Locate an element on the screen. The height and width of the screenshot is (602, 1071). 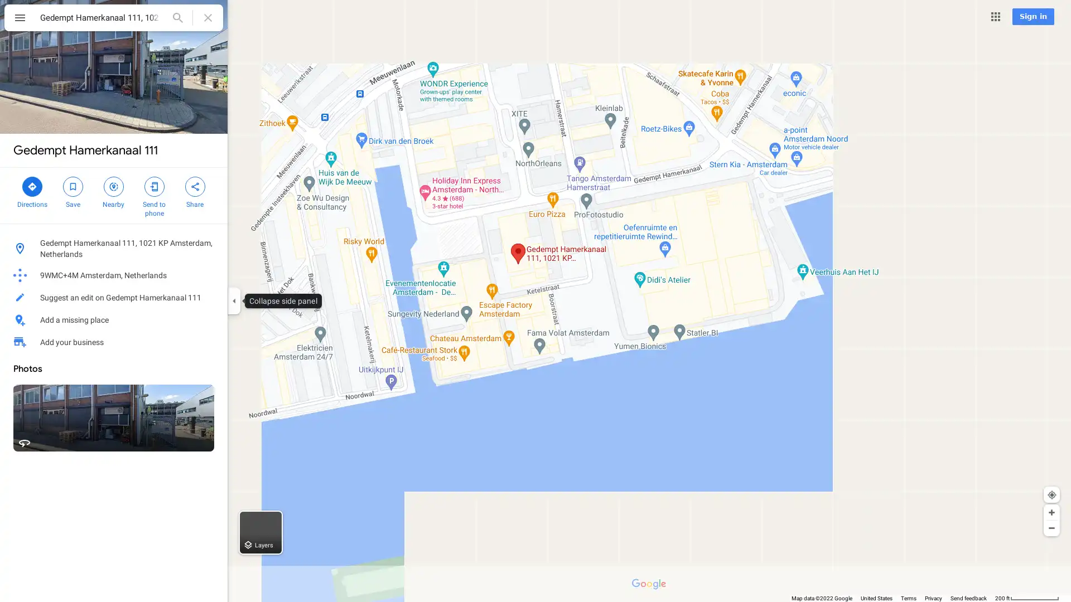
Zoom in is located at coordinates (1051, 548).